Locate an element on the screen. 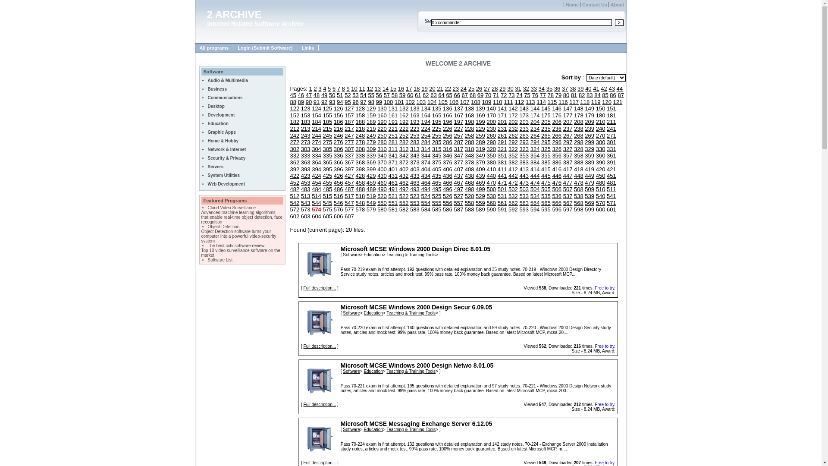 Image resolution: width=828 pixels, height=466 pixels. '337' is located at coordinates (344, 155).